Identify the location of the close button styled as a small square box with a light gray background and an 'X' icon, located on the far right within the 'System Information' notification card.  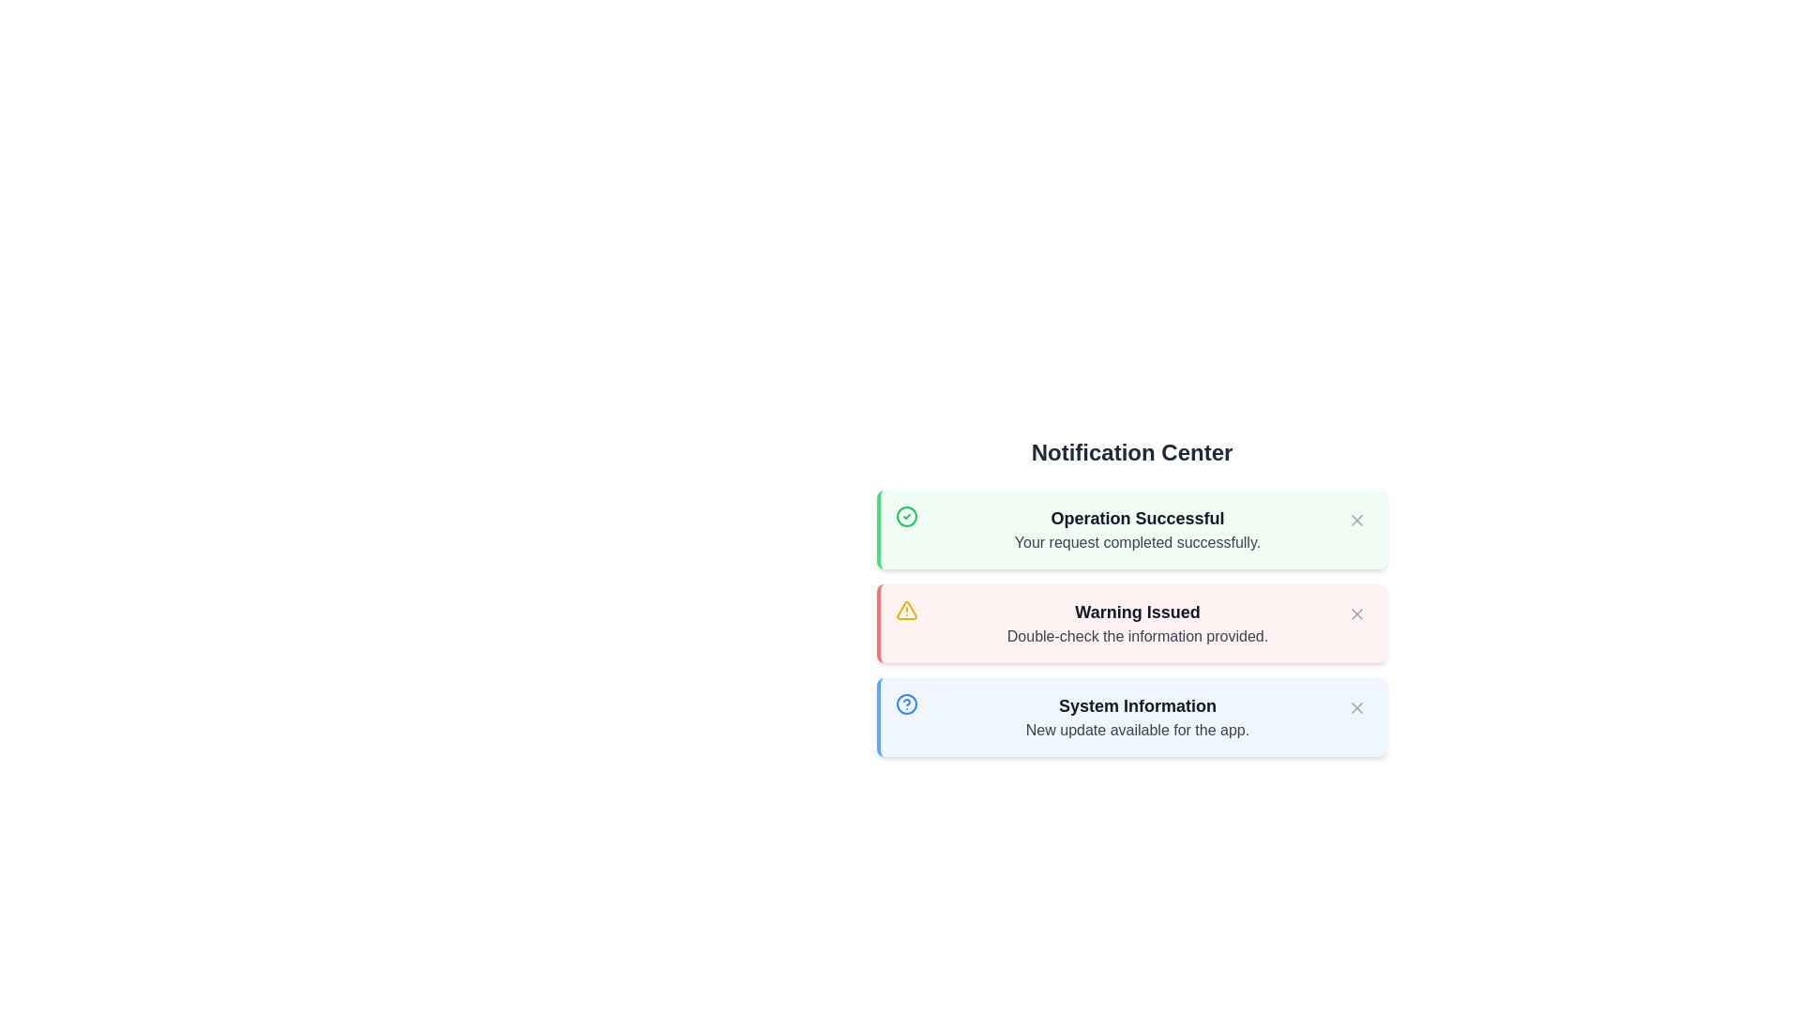
(1356, 708).